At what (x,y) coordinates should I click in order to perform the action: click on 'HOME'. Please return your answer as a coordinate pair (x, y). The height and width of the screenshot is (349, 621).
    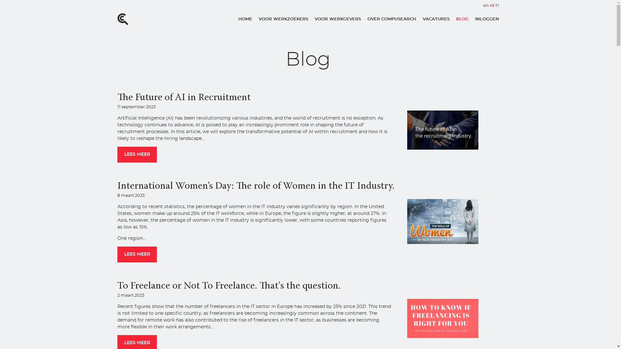
    Looking at the image, I should click on (237, 19).